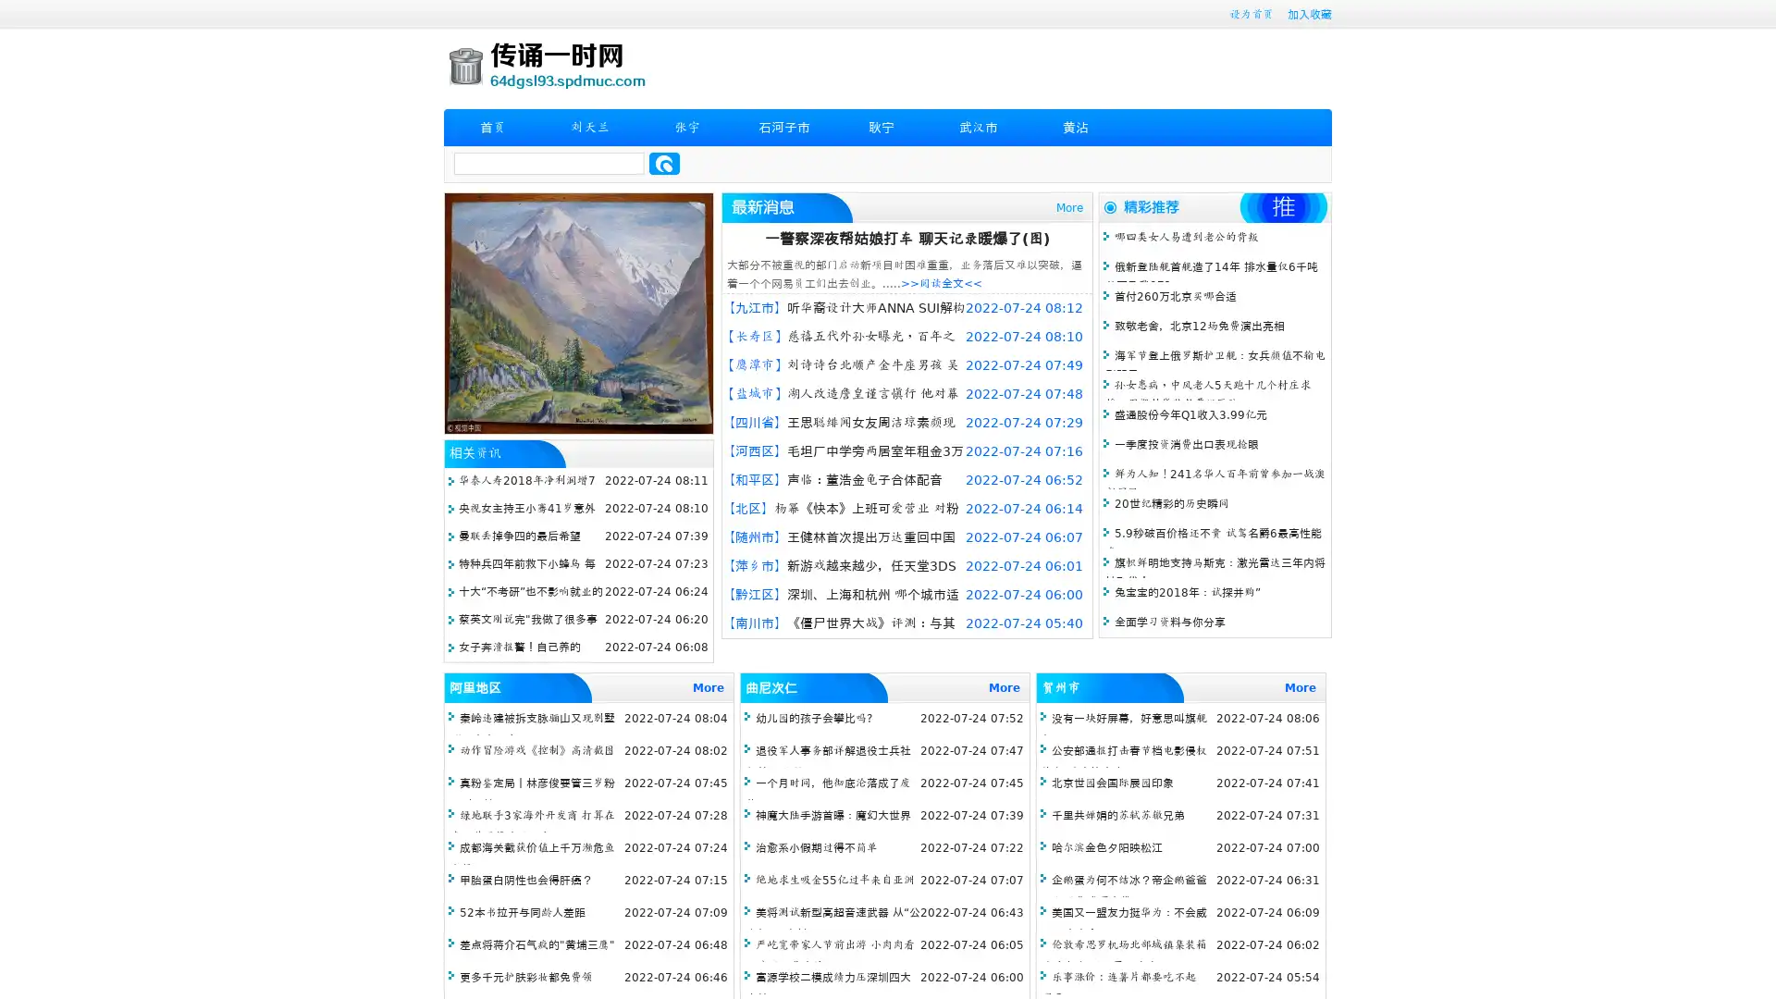 The image size is (1776, 999). I want to click on Search, so click(664, 163).